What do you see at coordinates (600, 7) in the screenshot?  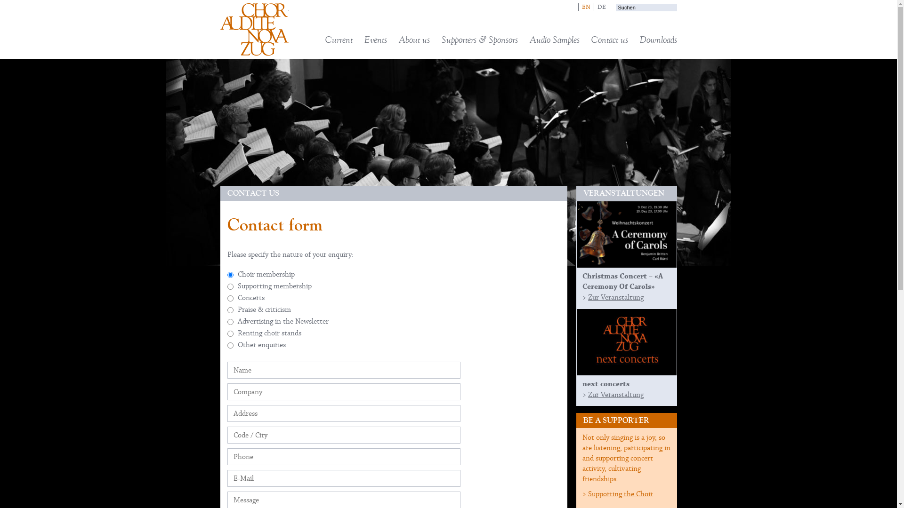 I see `'DE'` at bounding box center [600, 7].